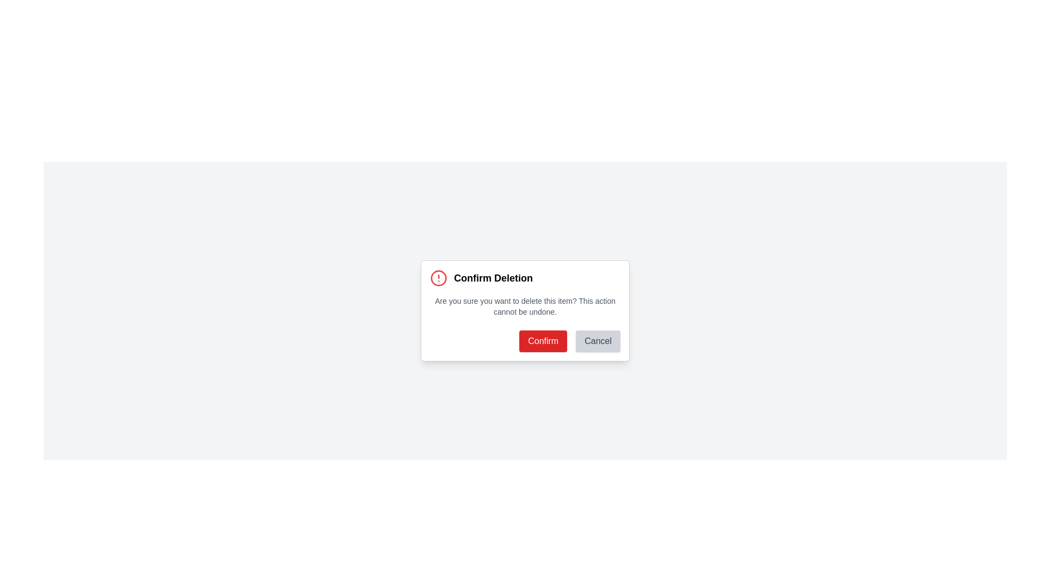 Image resolution: width=1044 pixels, height=587 pixels. What do you see at coordinates (525, 306) in the screenshot?
I see `the text warning message that says 'Are you sure you want to delete this item? This action cannot be undone.', which is styled in small gray font and located centrally within the confirmation dialog` at bounding box center [525, 306].